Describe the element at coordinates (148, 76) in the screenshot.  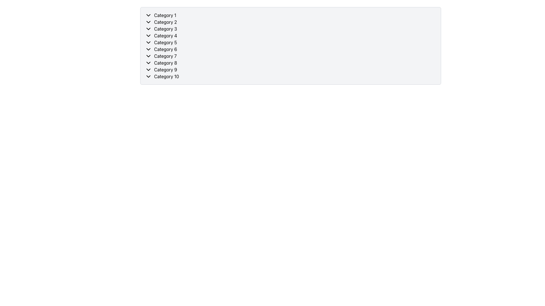
I see `the downward-pointing chevron icon next to the 'Category 10' label` at that location.